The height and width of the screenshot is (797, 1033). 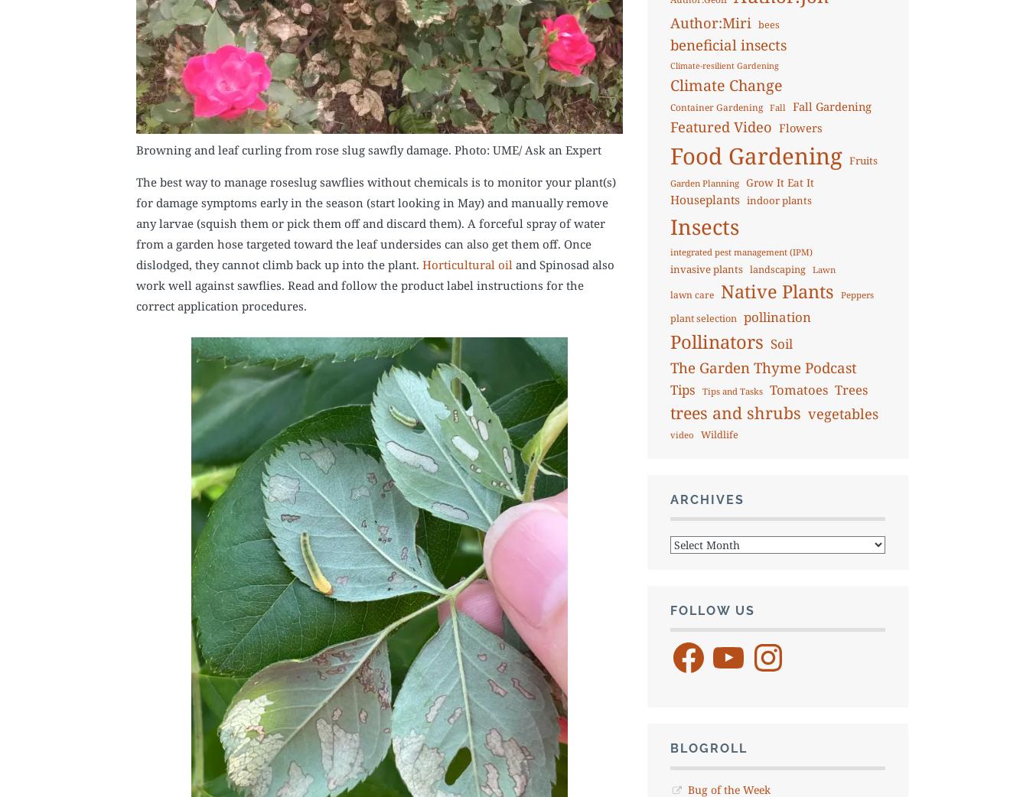 What do you see at coordinates (777, 106) in the screenshot?
I see `'Fall'` at bounding box center [777, 106].